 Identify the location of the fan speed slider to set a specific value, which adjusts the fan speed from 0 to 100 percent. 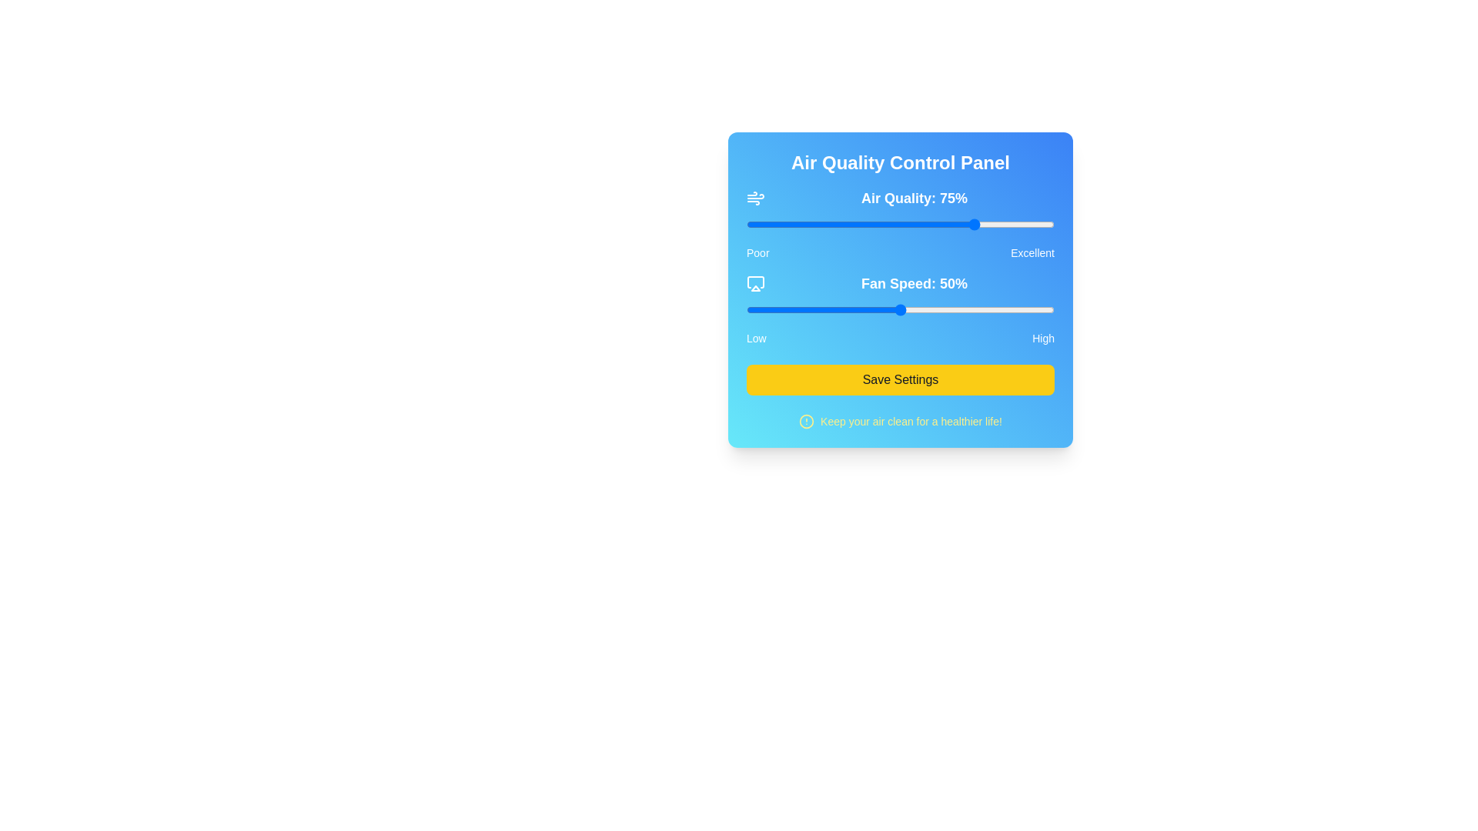
(901, 309).